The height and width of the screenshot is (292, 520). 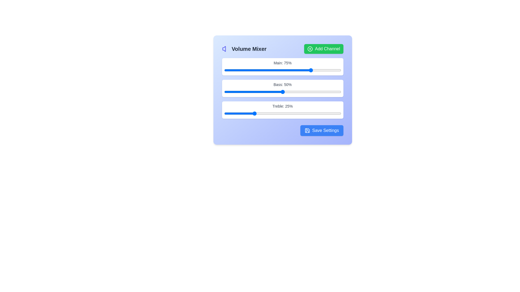 I want to click on the main volume, so click(x=252, y=70).